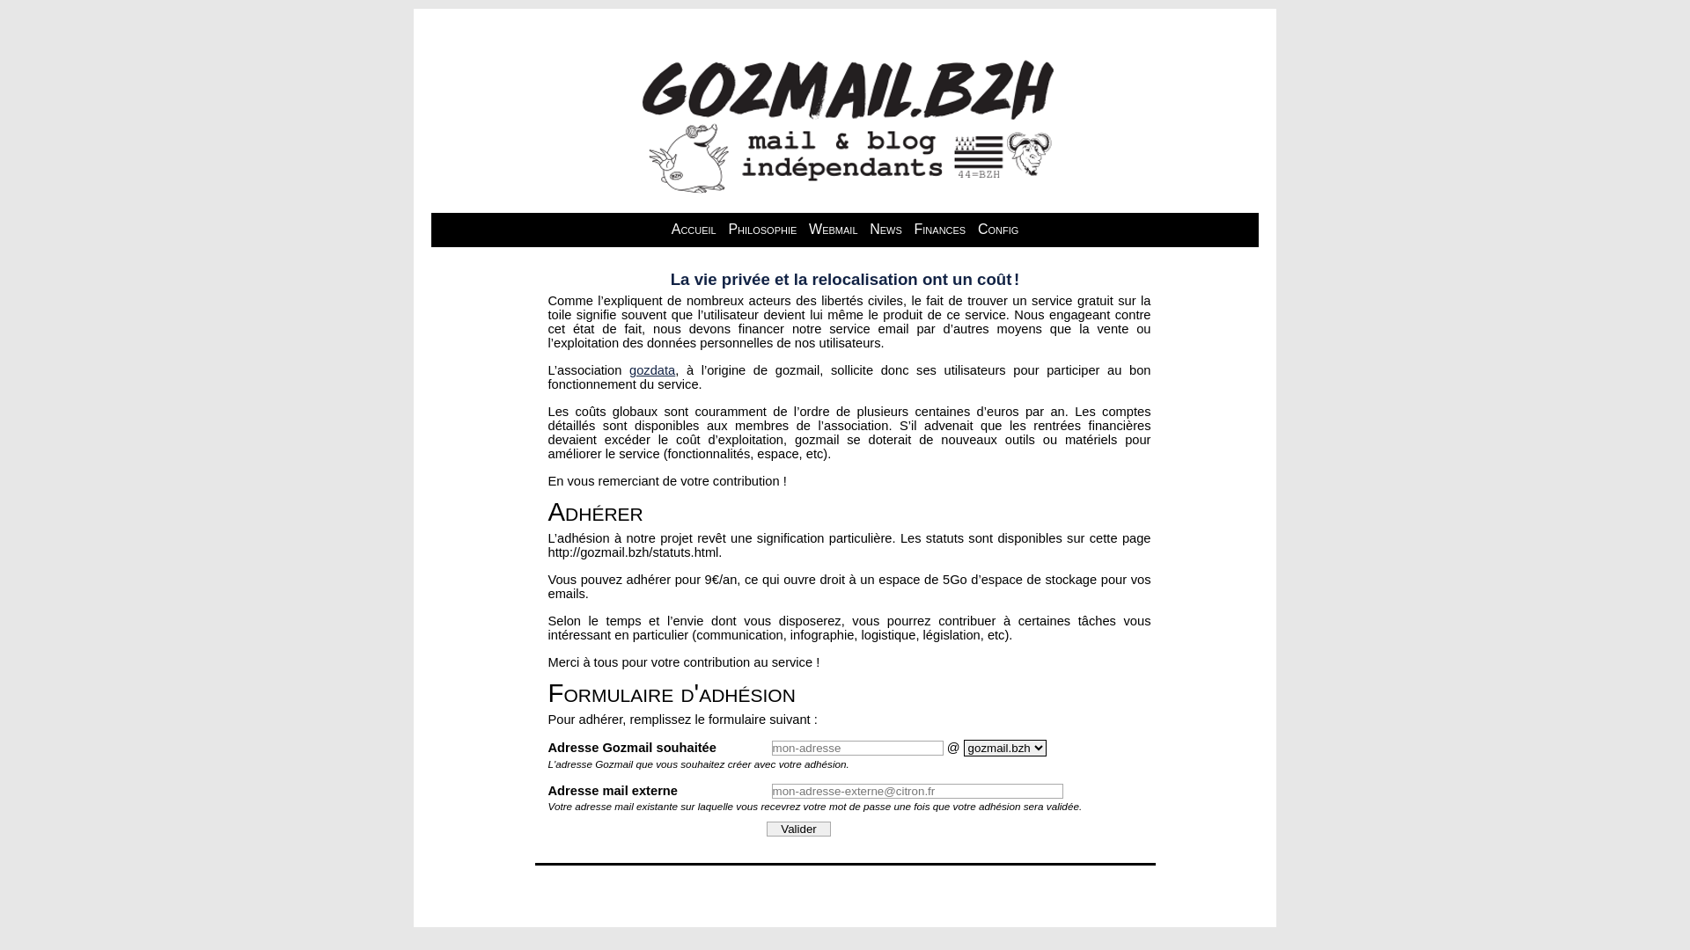 This screenshot has width=1690, height=950. What do you see at coordinates (997, 228) in the screenshot?
I see `'Config'` at bounding box center [997, 228].